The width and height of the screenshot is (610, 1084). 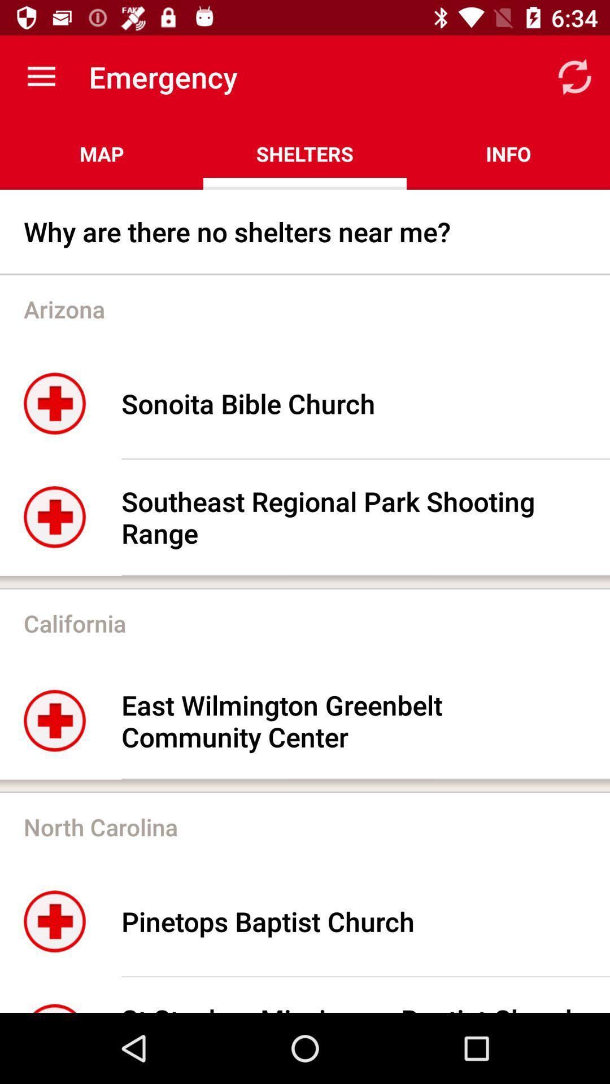 I want to click on the icon to the right of shelters, so click(x=507, y=154).